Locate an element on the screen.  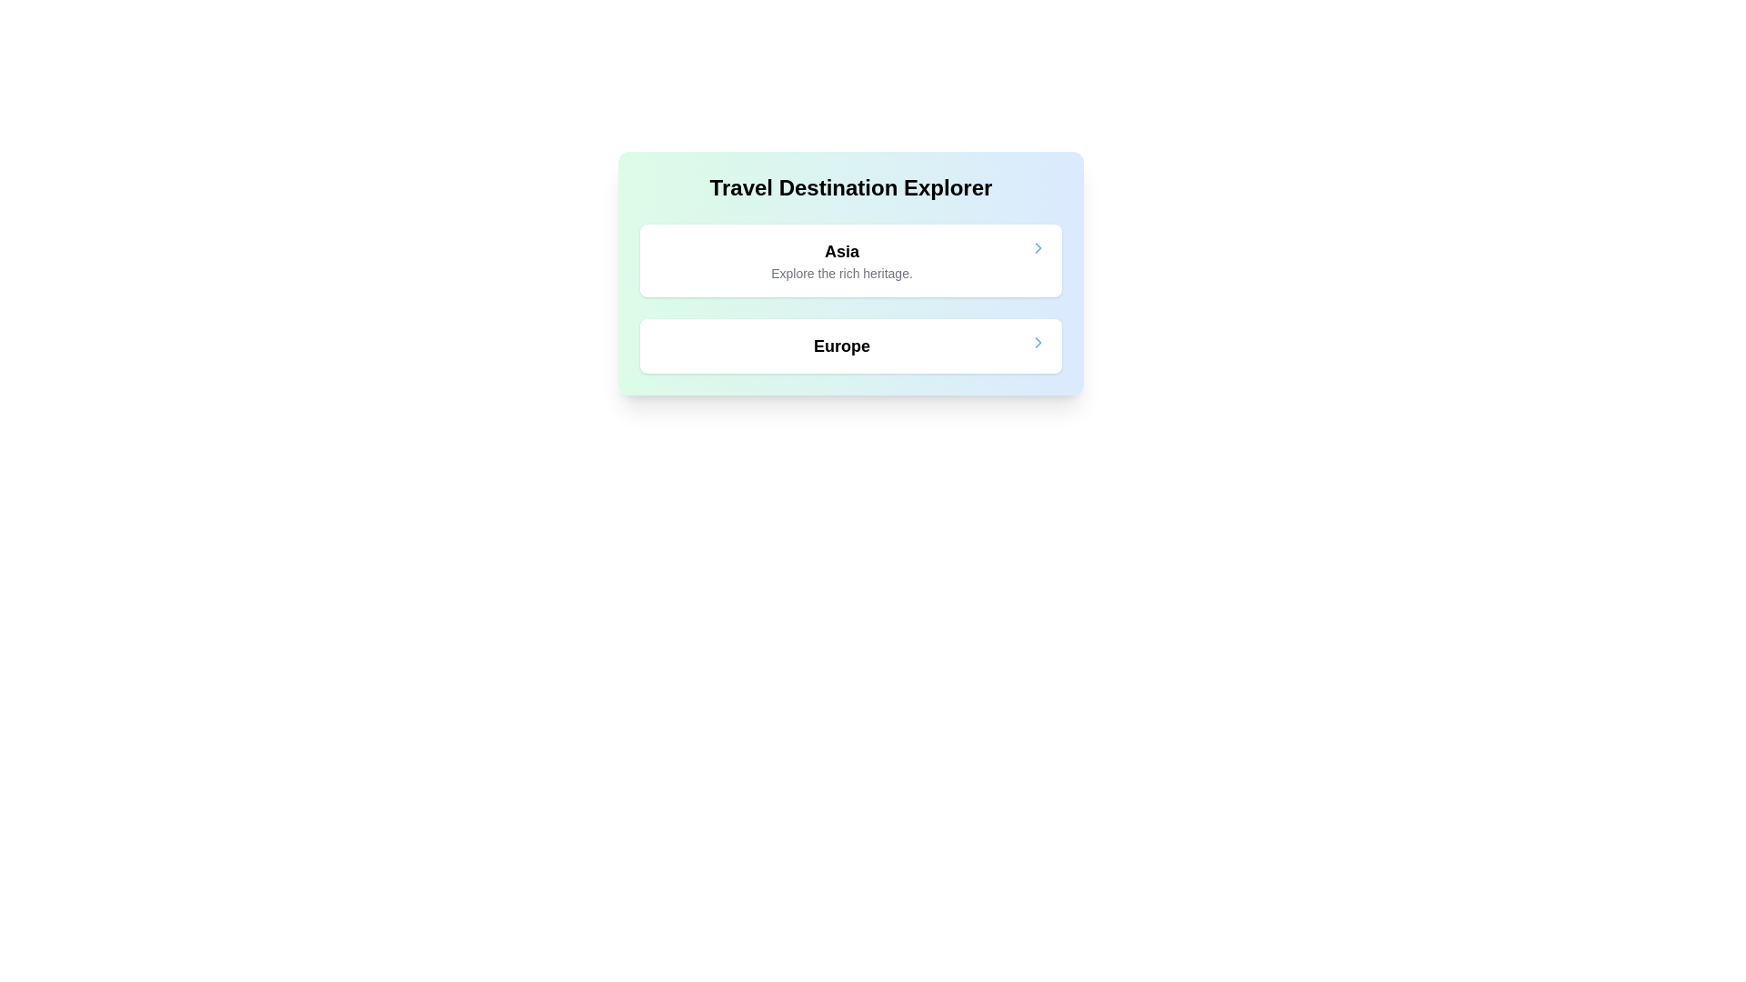
the right-pointing blue chevron icon in the 'Asia' destination section is located at coordinates (1039, 248).